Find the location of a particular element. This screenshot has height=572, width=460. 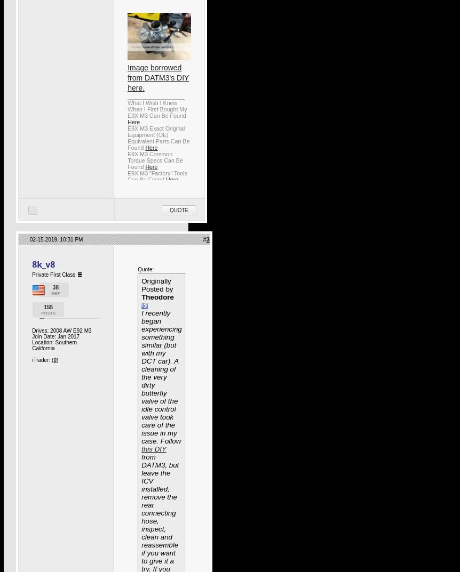

'#' is located at coordinates (202, 239).